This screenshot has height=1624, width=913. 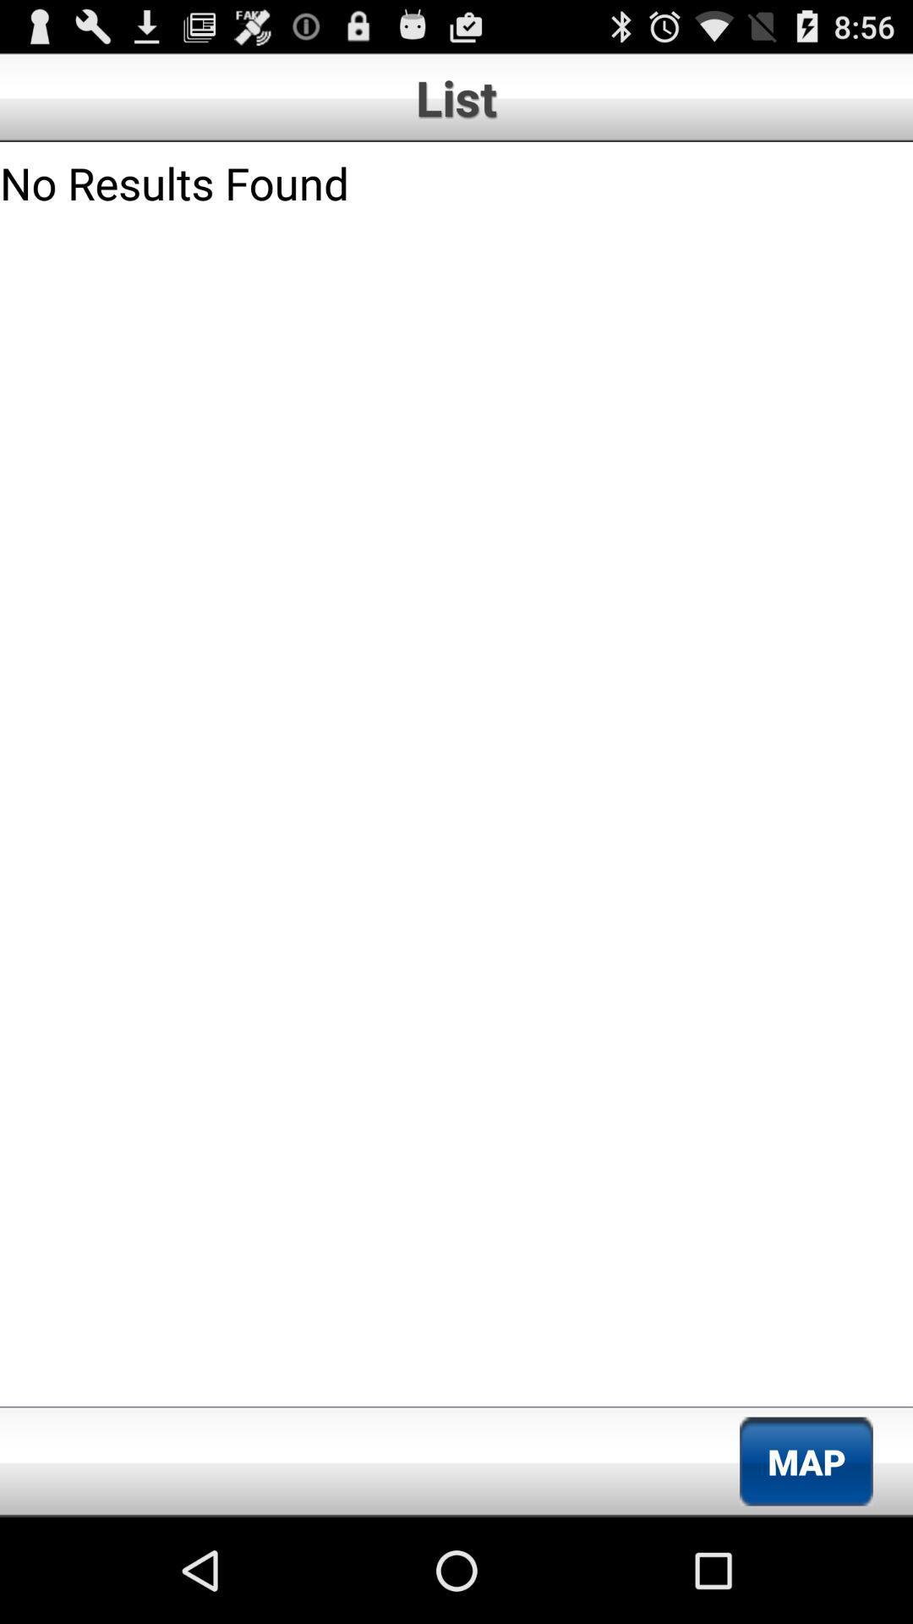 I want to click on the item at the bottom right corner, so click(x=805, y=1461).